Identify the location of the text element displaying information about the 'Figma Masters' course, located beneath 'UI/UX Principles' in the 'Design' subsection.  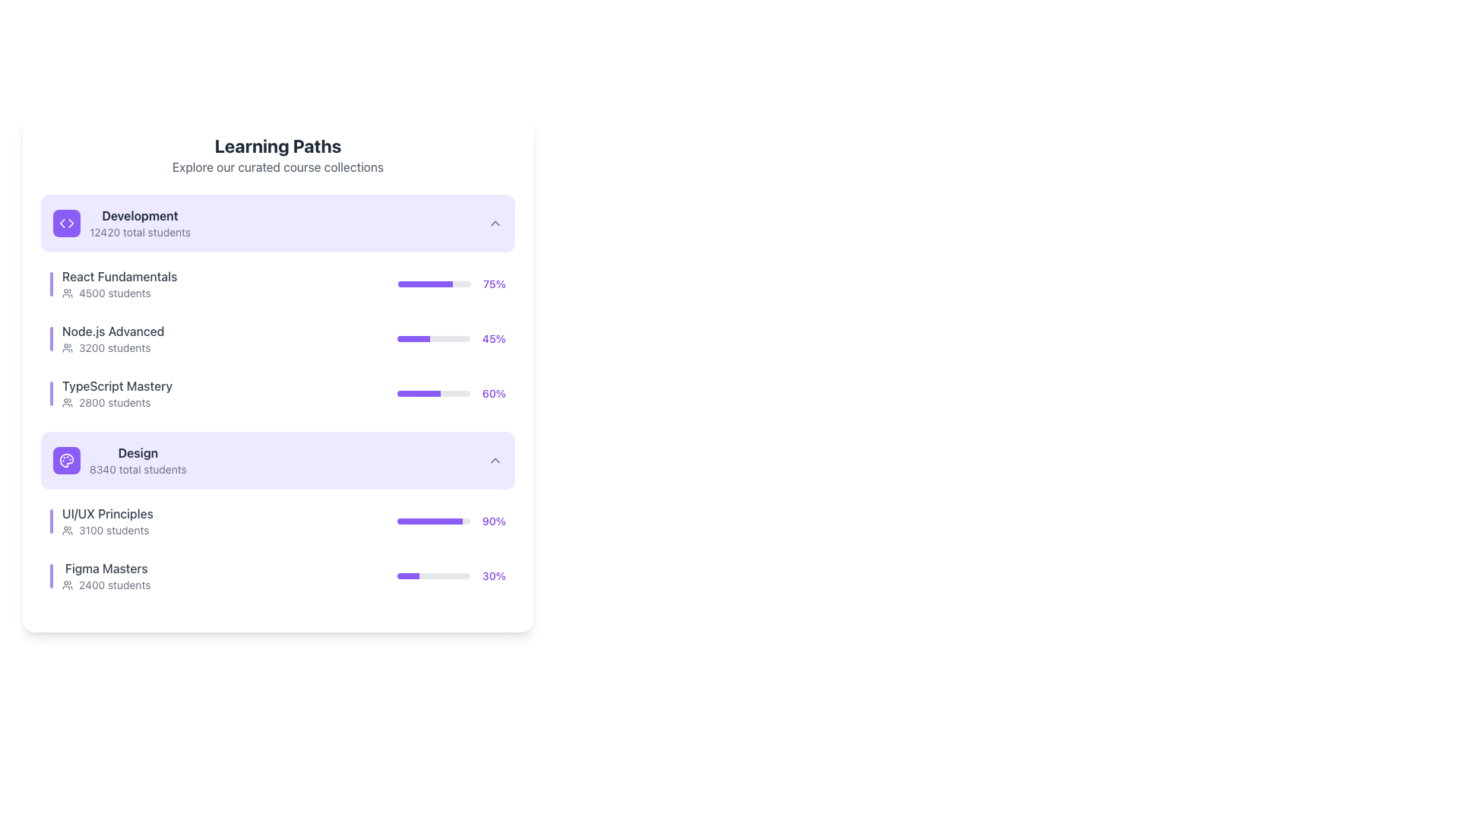
(100, 576).